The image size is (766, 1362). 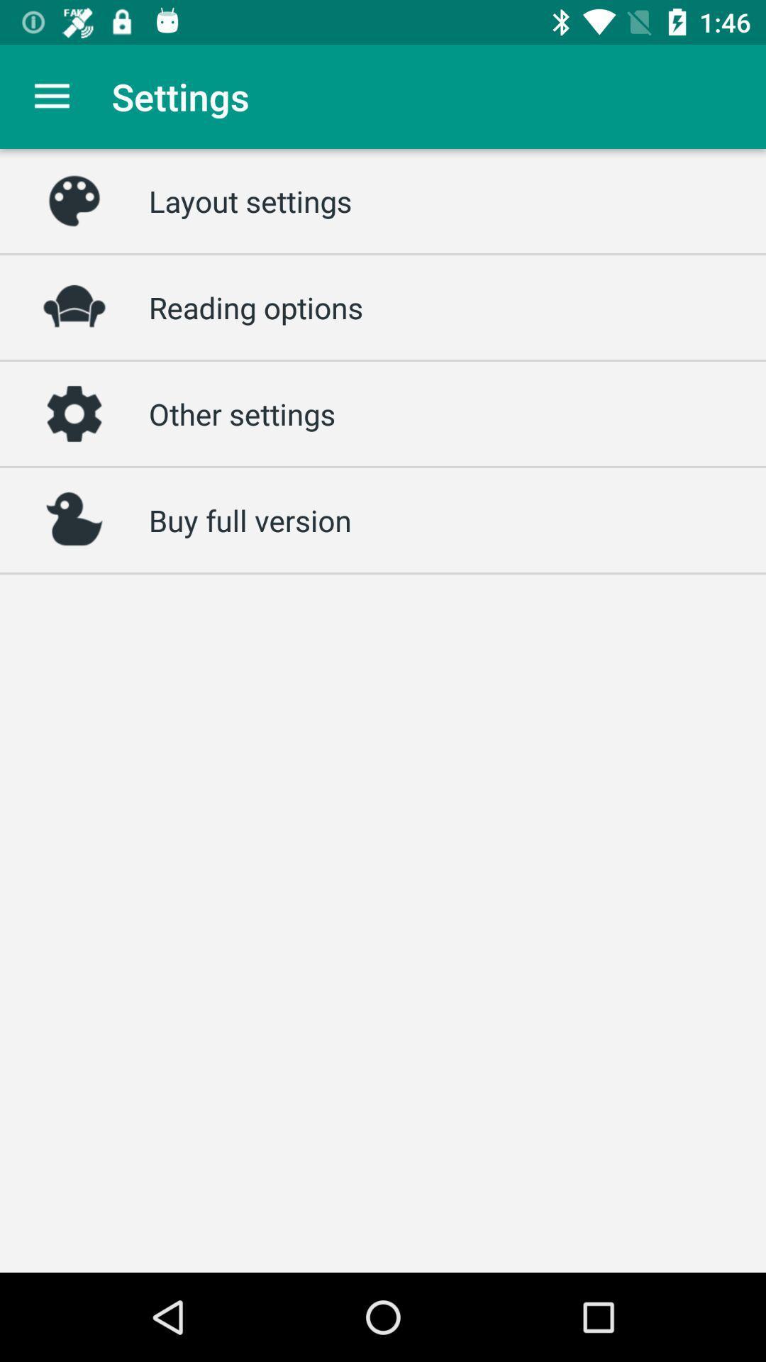 I want to click on the item below the layout settings, so click(x=256, y=306).